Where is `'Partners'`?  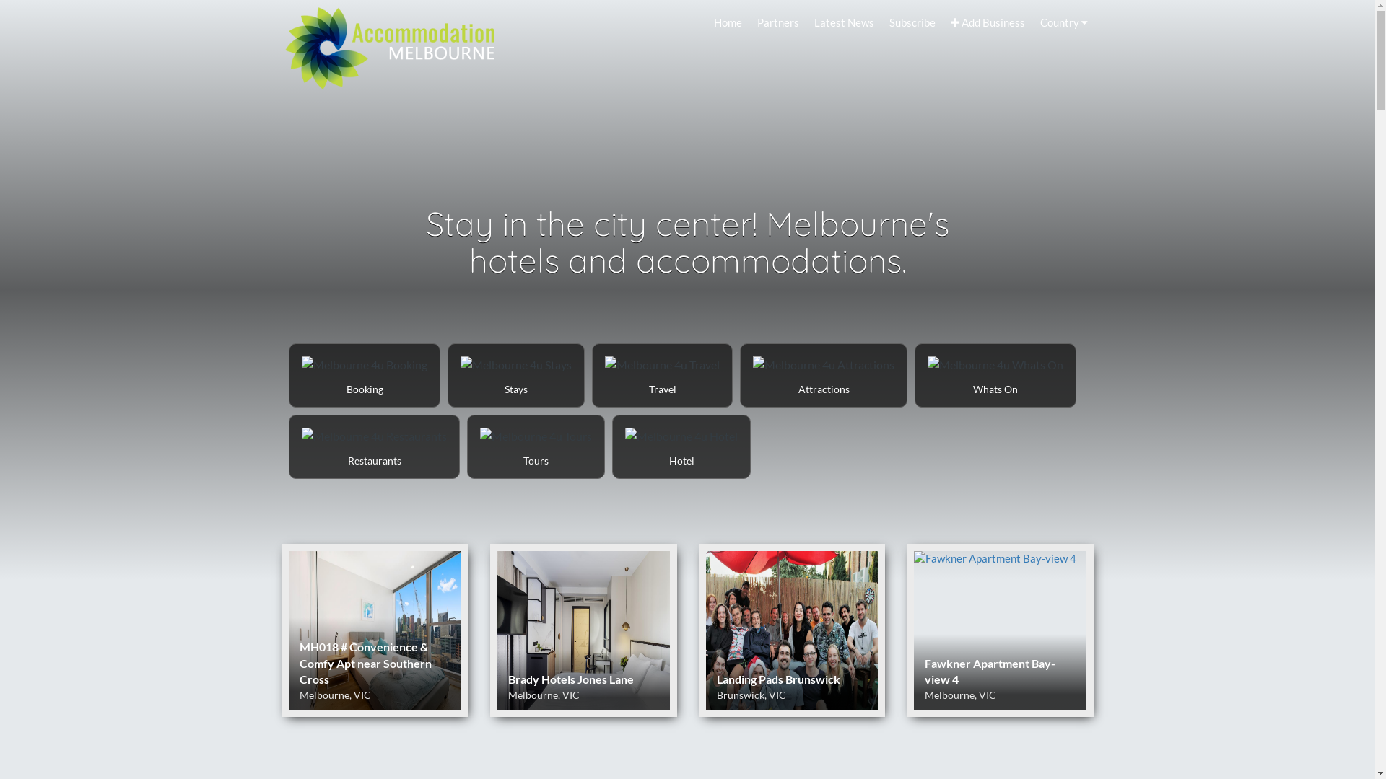
'Partners' is located at coordinates (777, 22).